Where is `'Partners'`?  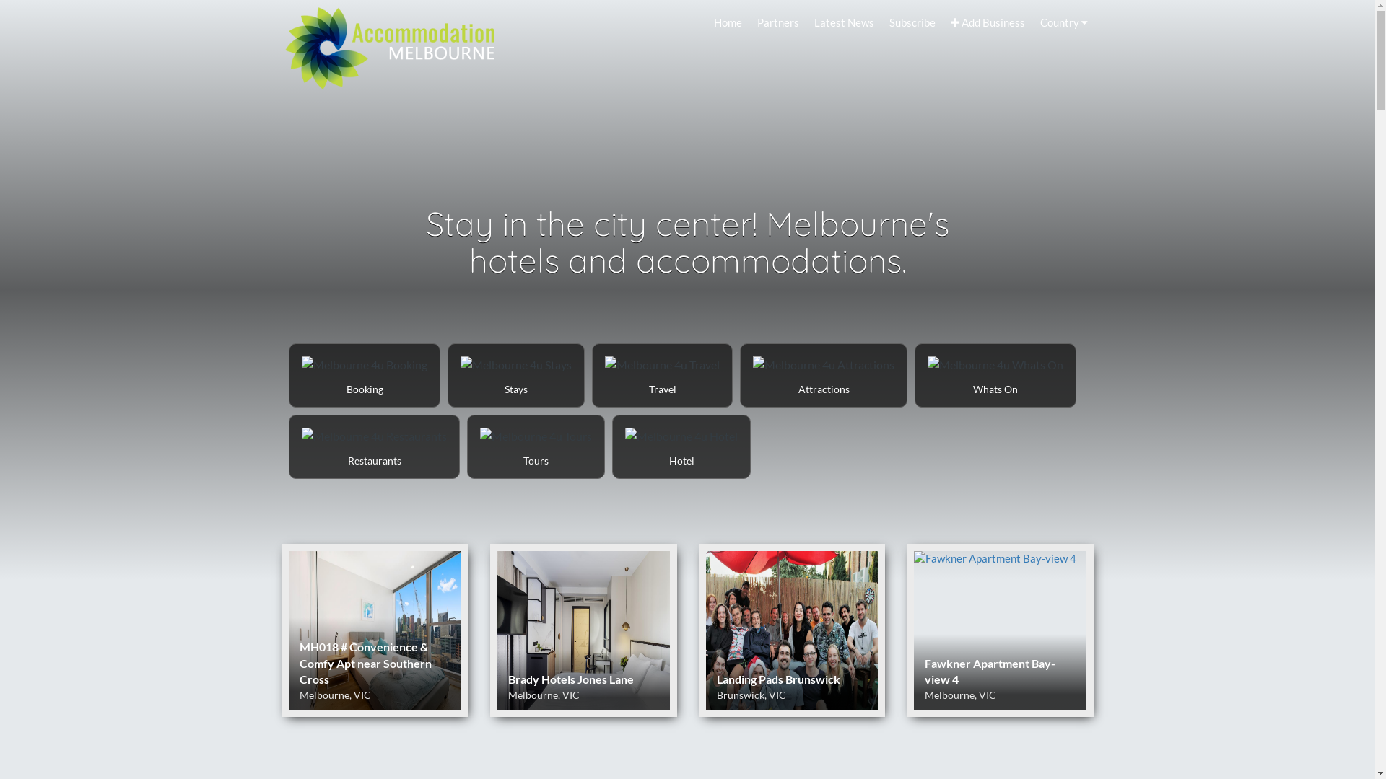
'Partners' is located at coordinates (777, 22).